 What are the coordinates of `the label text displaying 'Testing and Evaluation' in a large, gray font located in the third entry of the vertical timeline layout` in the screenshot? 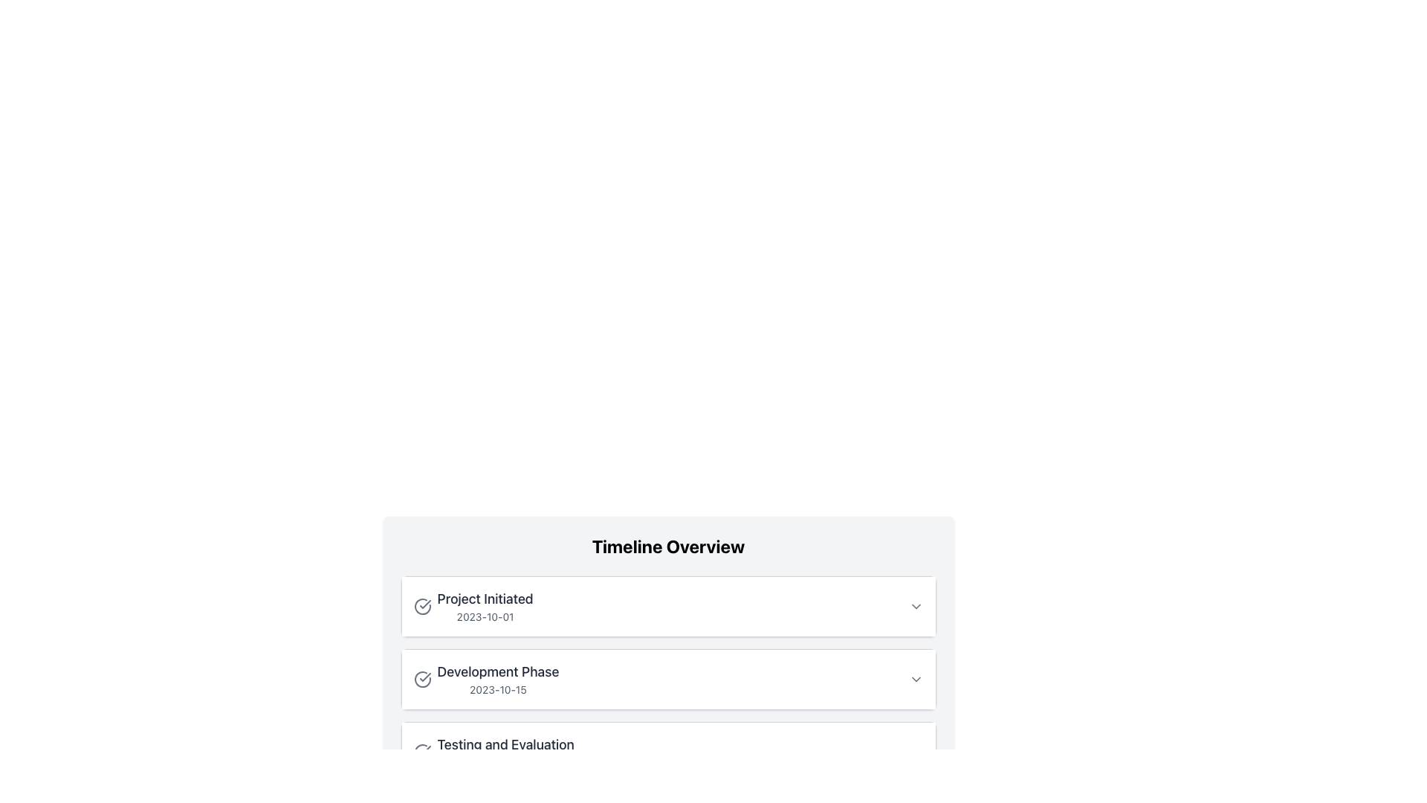 It's located at (505, 745).